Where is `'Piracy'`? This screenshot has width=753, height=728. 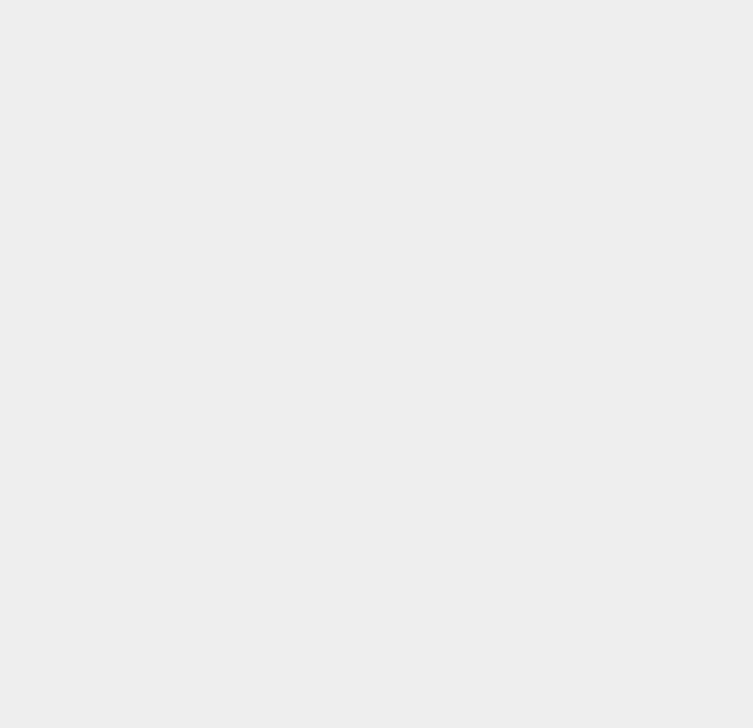
'Piracy' is located at coordinates (533, 148).